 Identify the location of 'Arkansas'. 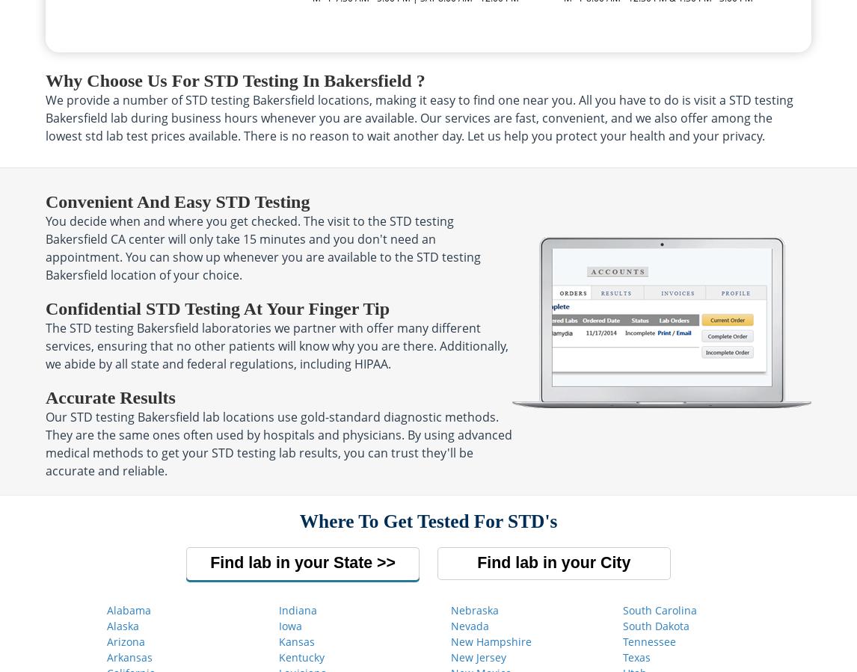
(129, 656).